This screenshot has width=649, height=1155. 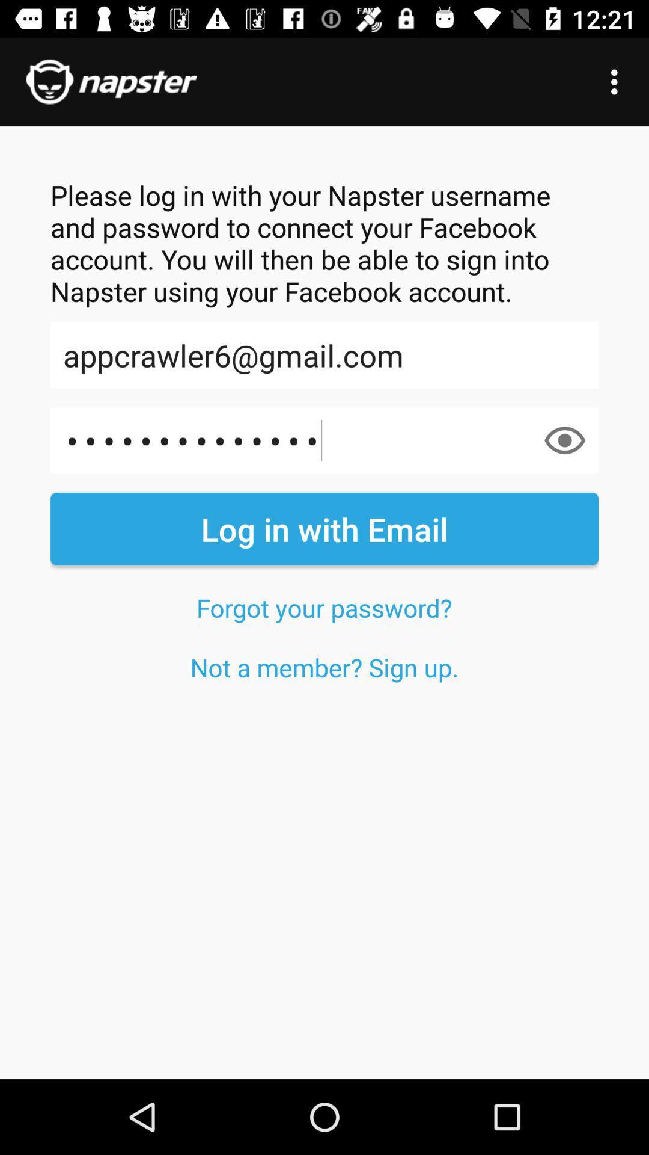 What do you see at coordinates (617, 81) in the screenshot?
I see `item at the top right corner` at bounding box center [617, 81].